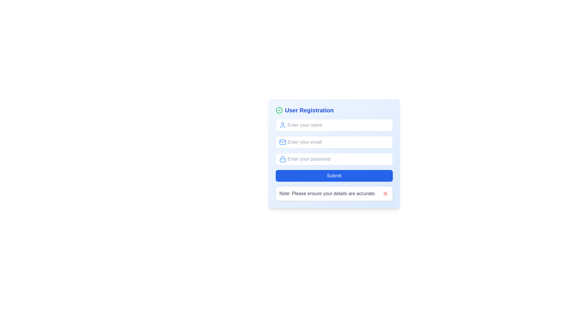 The height and width of the screenshot is (316, 562). I want to click on the triangular flap of the mail envelope icon located to the left of the email input field in the user registration form, so click(282, 141).